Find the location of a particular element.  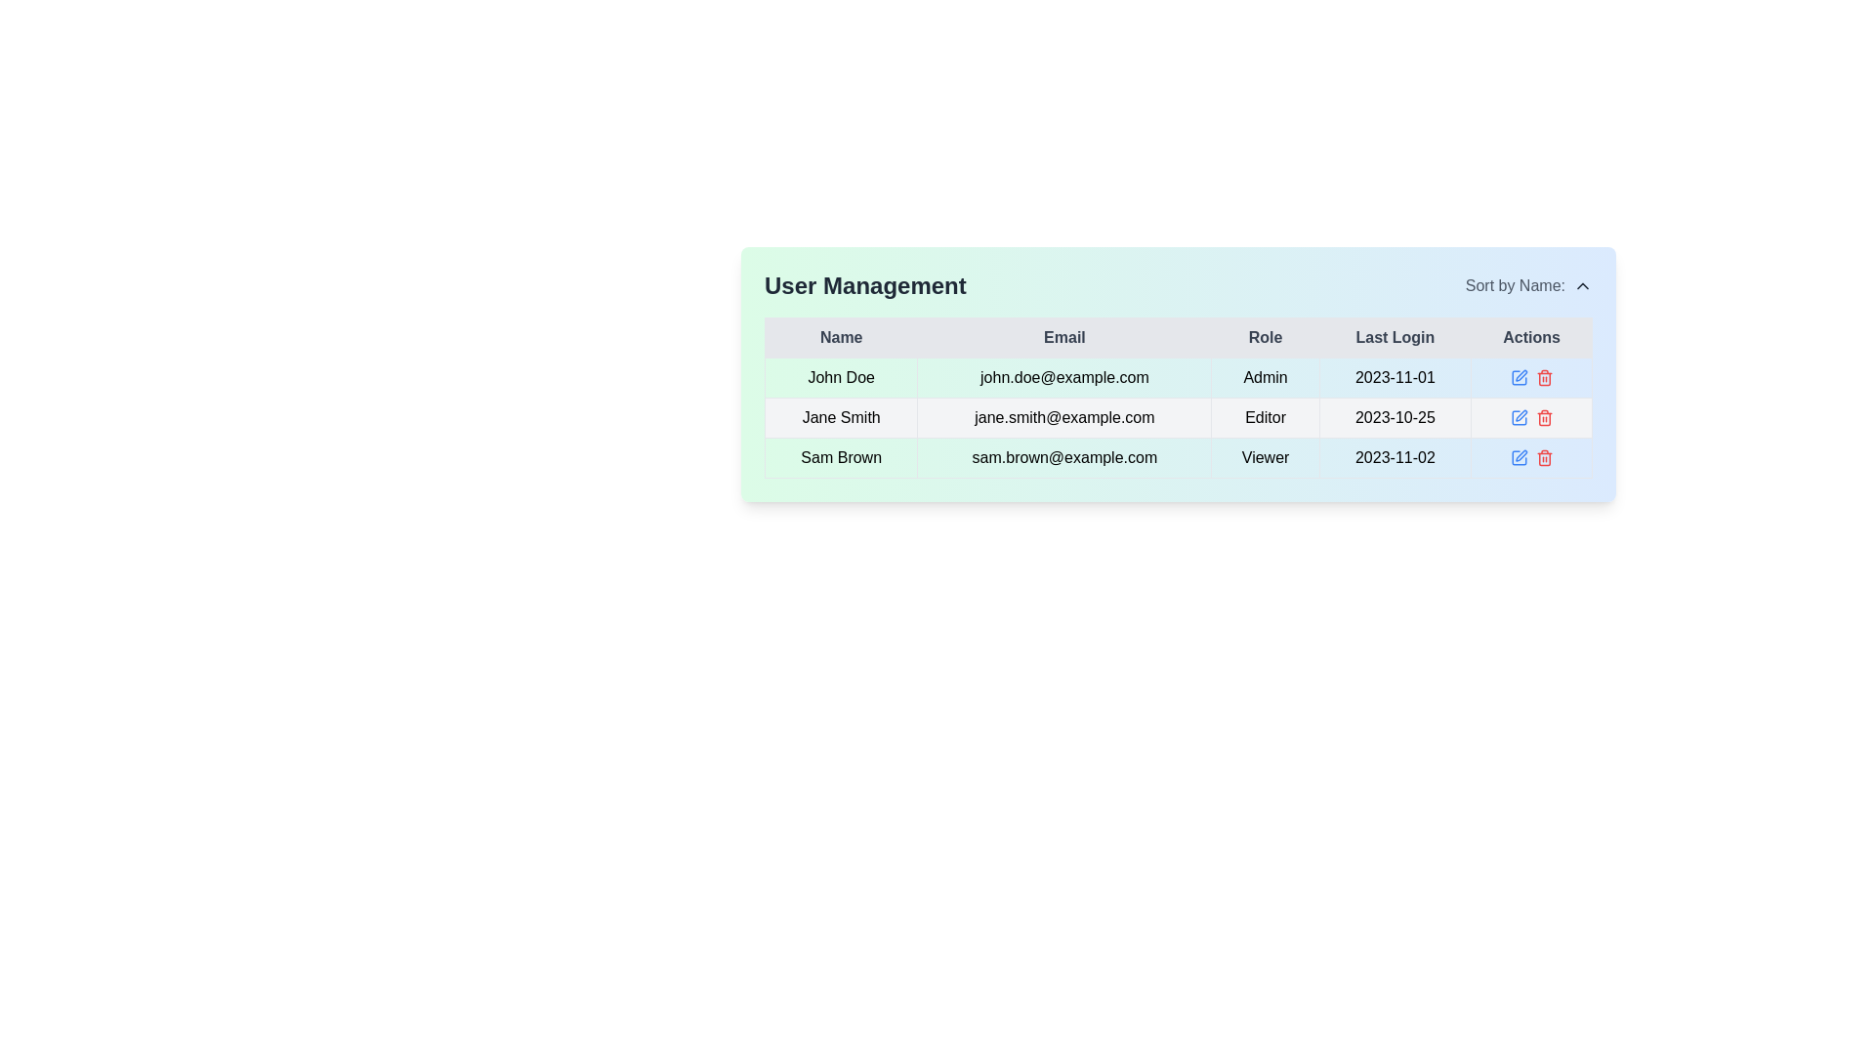

the text label indicating that the data is sorted by the 'Name' column in the user details table is located at coordinates (1514, 286).